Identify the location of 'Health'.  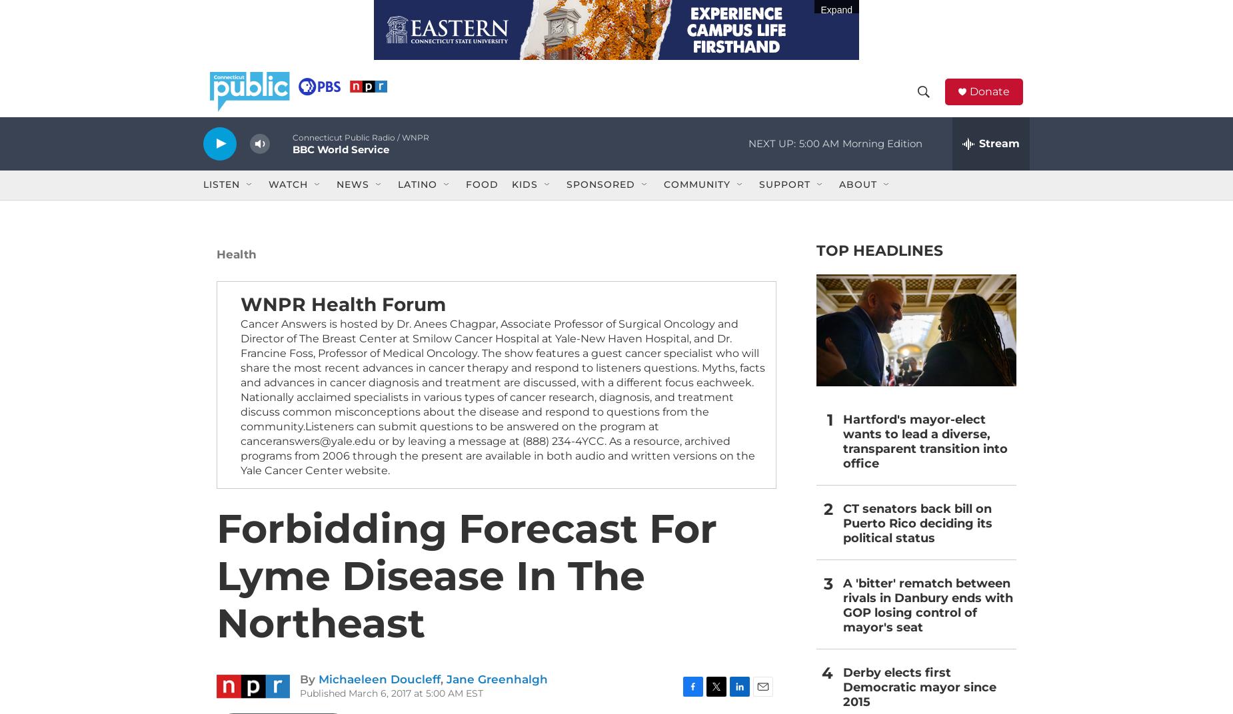
(236, 273).